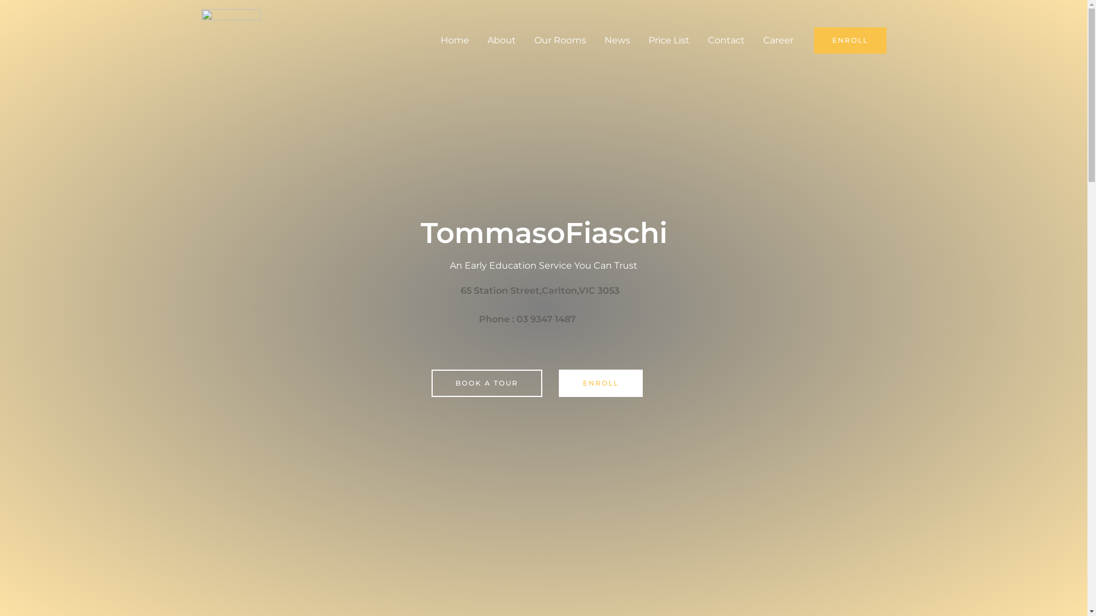  I want to click on 'Contact', so click(698, 39).